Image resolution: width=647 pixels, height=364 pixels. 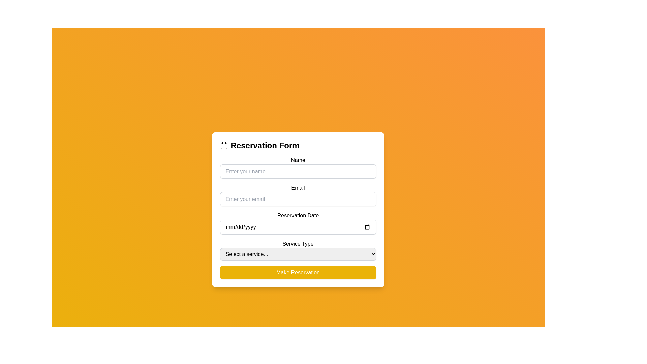 I want to click on the email input field, so click(x=298, y=195).